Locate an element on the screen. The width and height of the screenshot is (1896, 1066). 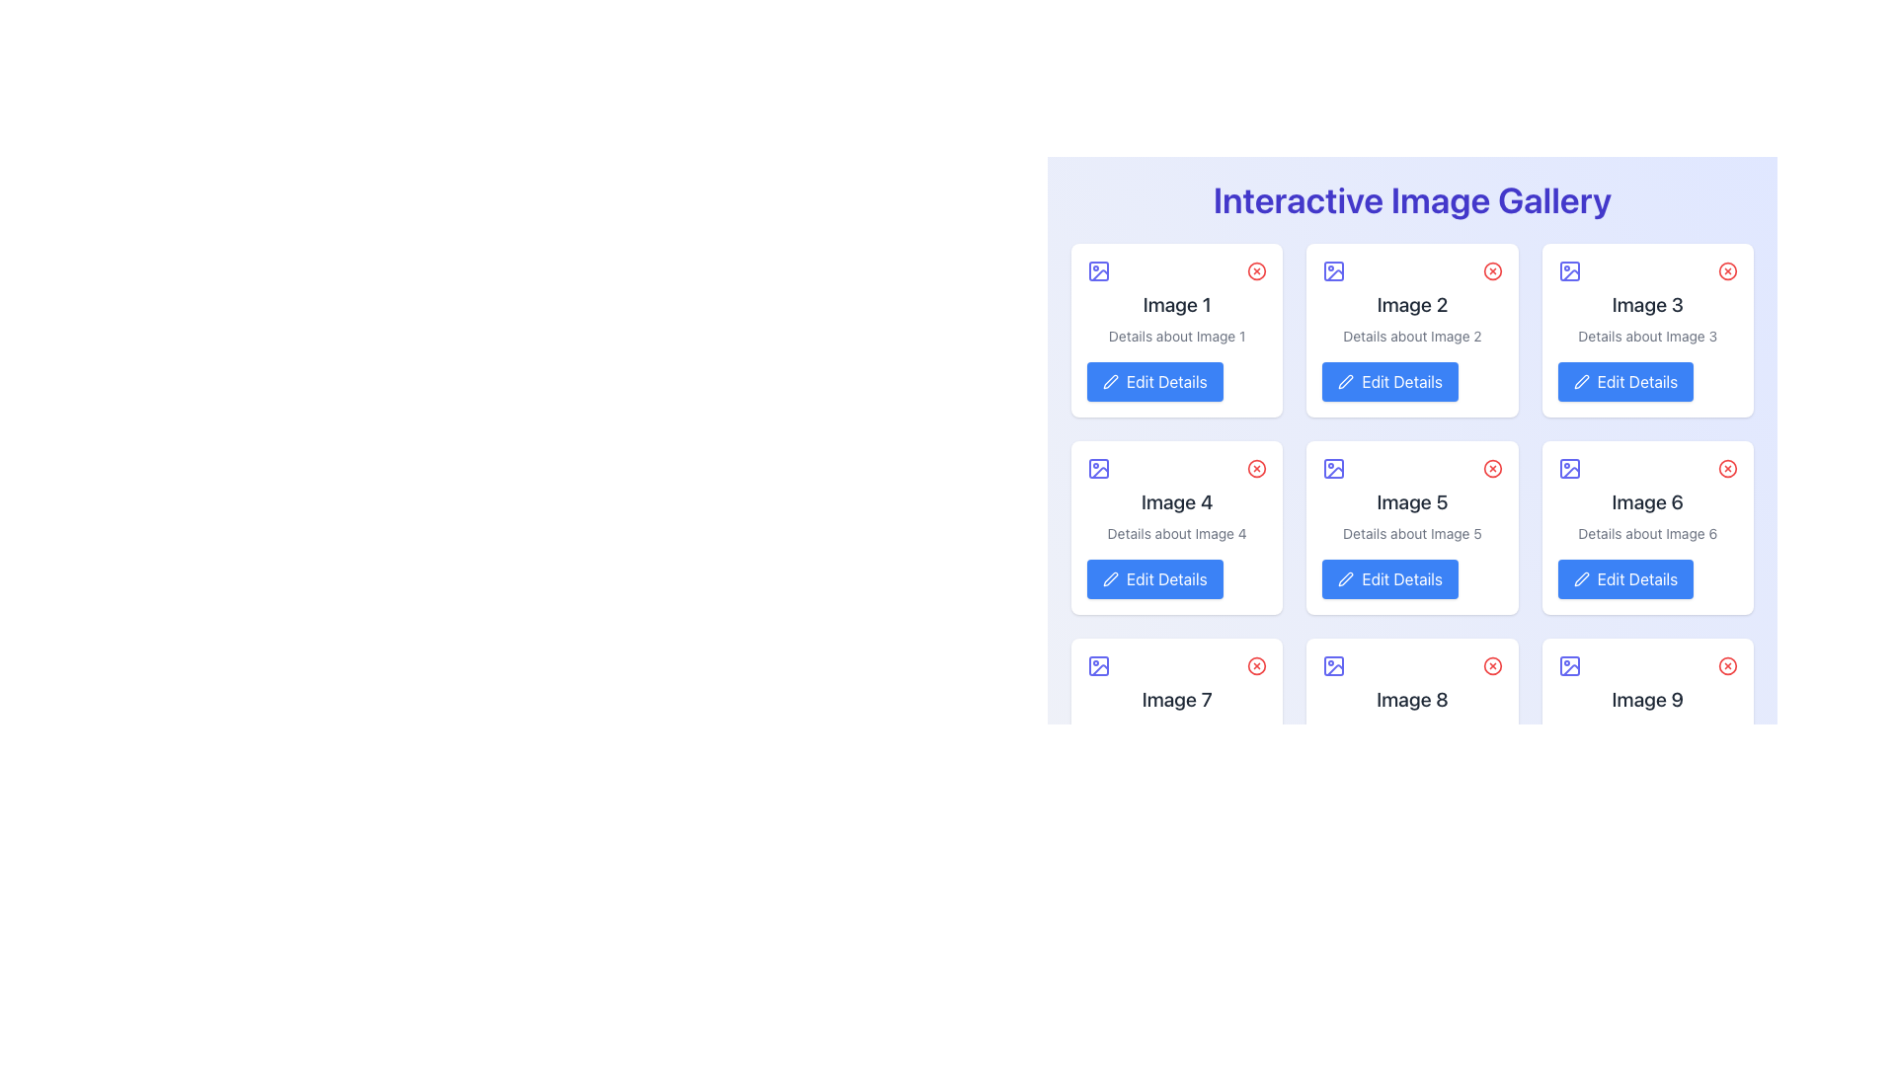
the SVG icon resembling a camera symbol, which is located at the top-left corner of the card labeled 'Image 9' in the image gallery is located at coordinates (1568, 666).